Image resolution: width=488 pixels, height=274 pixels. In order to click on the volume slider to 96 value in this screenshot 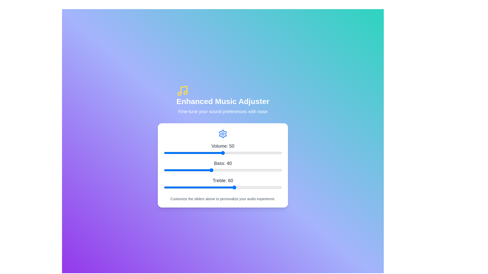, I will do `click(277, 152)`.